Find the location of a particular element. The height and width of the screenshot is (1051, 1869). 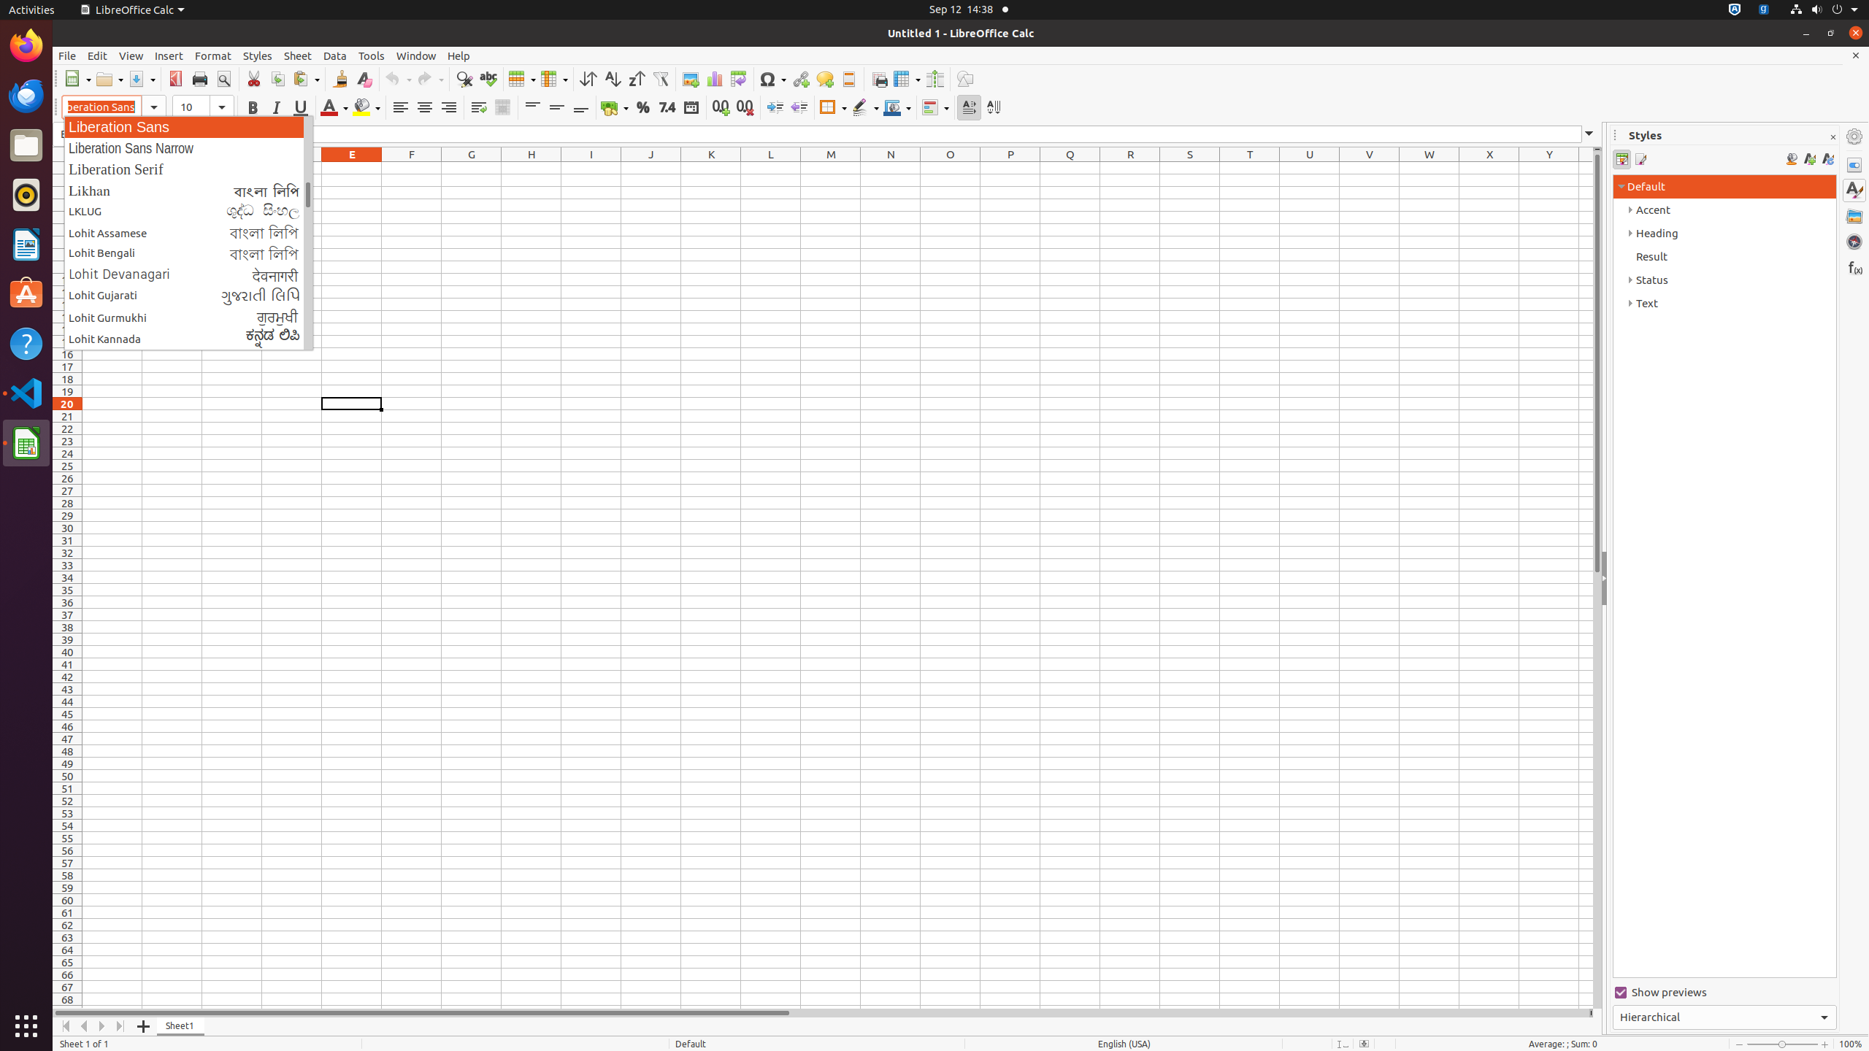

'Align Top' is located at coordinates (532, 107).